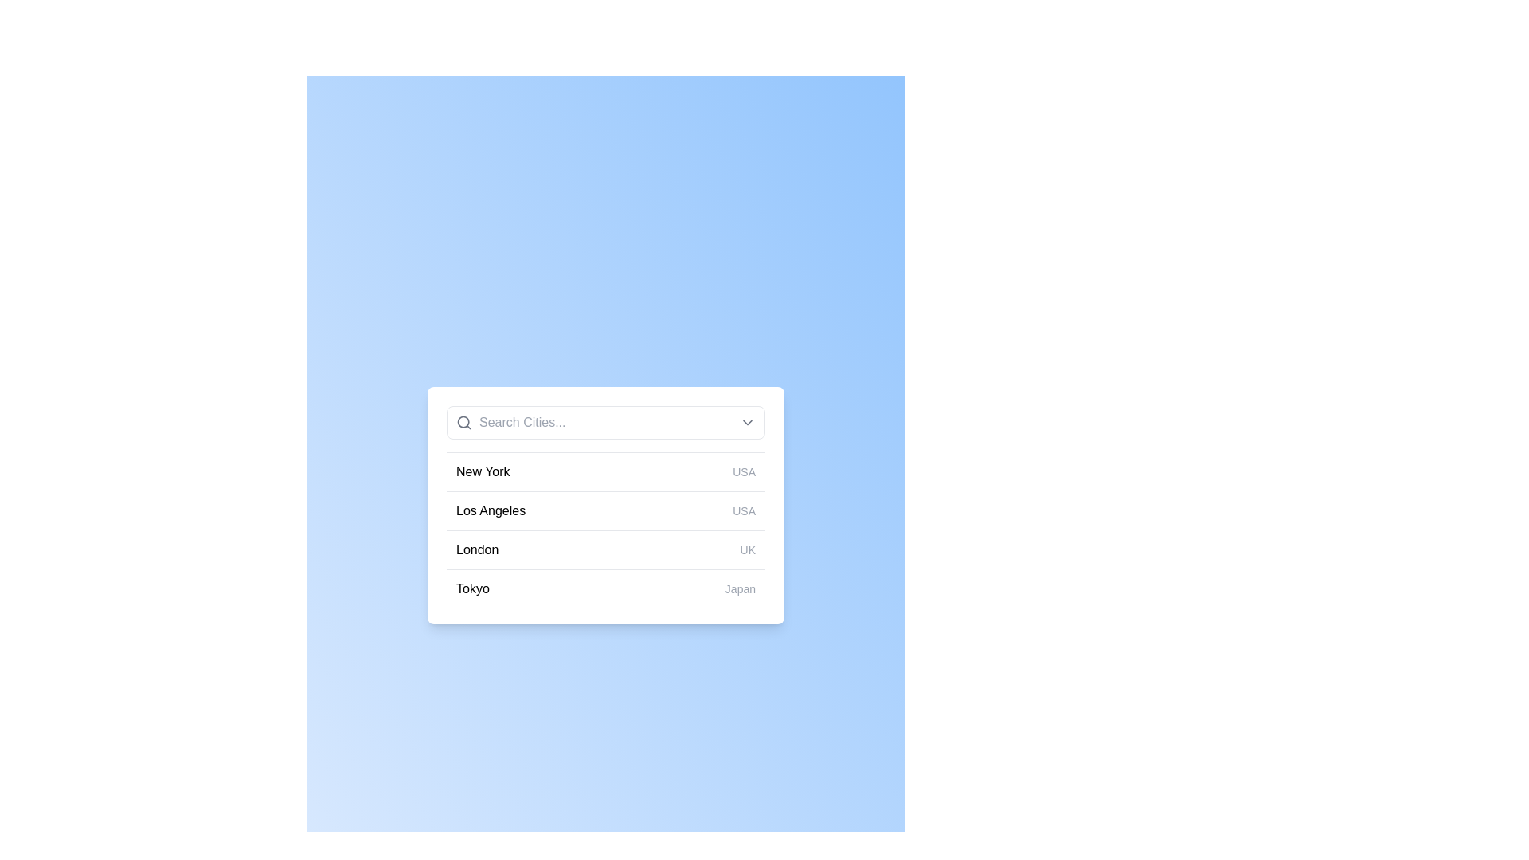 This screenshot has width=1529, height=860. What do you see at coordinates (605, 506) in the screenshot?
I see `the List Item representing 'Los Angeles'` at bounding box center [605, 506].